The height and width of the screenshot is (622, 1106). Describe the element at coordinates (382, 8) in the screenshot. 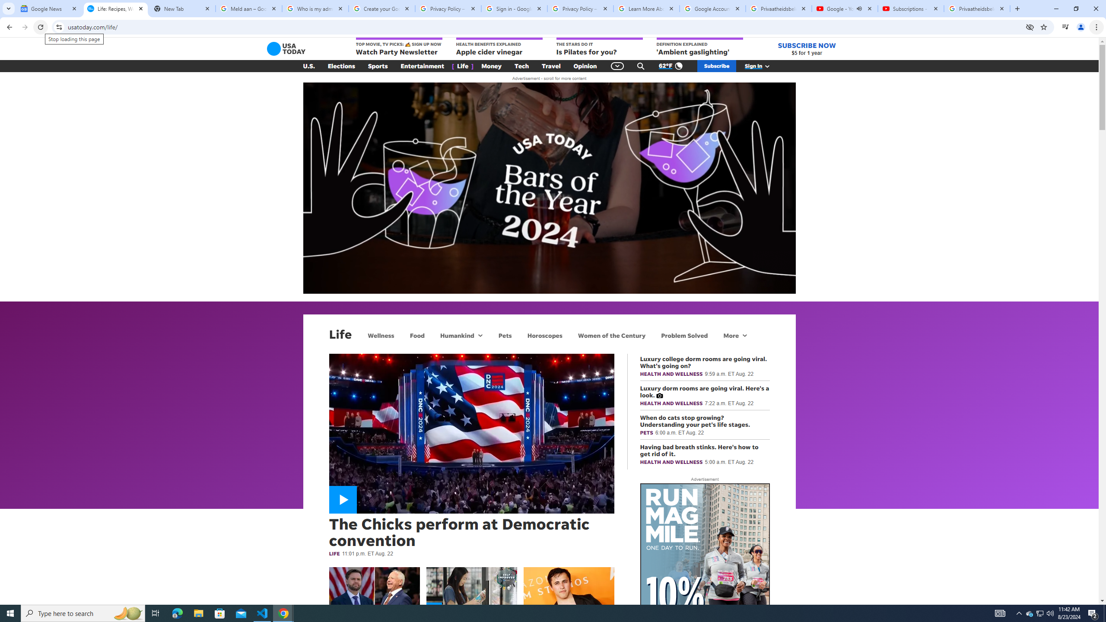

I see `'Create your Google Account'` at that location.